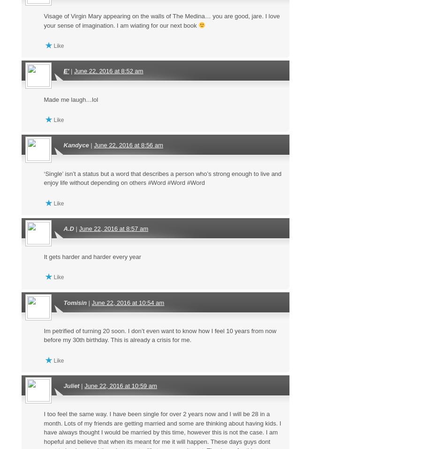  I want to click on 'It gets harder and harder every year', so click(92, 256).